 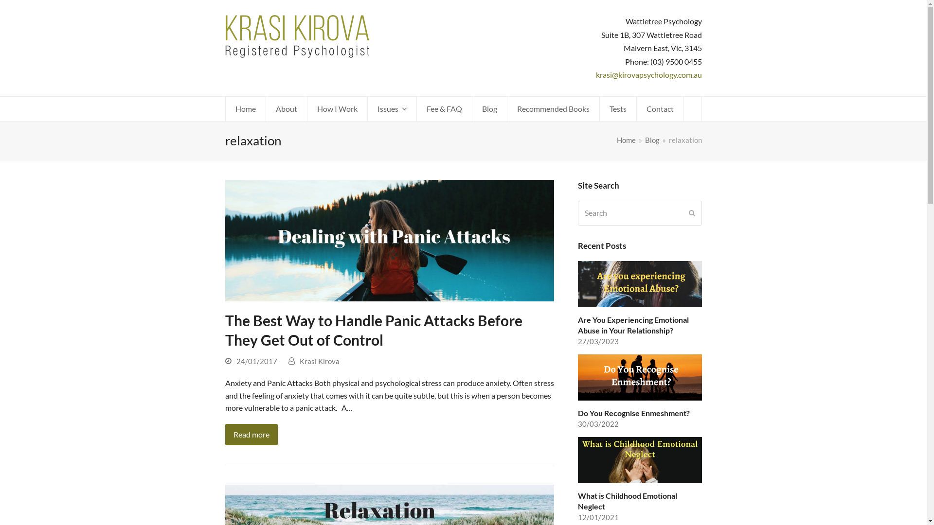 What do you see at coordinates (648, 74) in the screenshot?
I see `'krasi@kirovapsychology.com.au'` at bounding box center [648, 74].